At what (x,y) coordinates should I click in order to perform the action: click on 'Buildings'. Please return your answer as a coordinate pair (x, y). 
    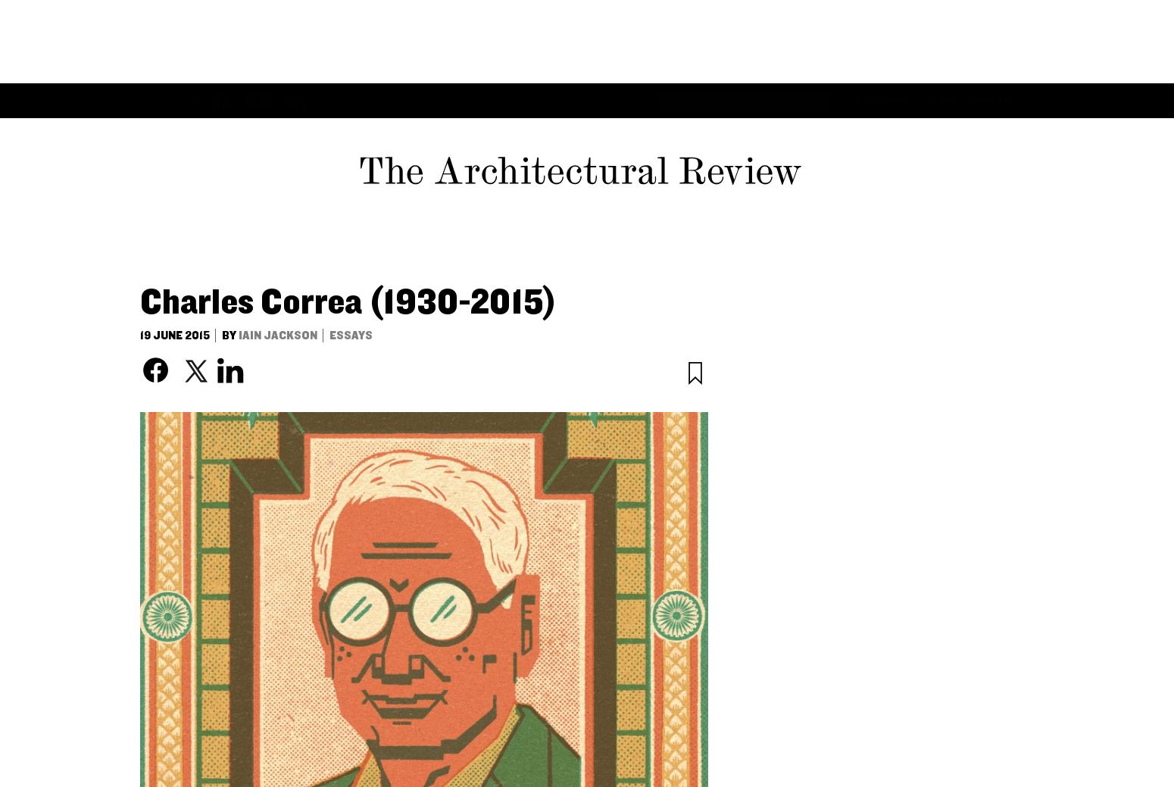
    Looking at the image, I should click on (283, 16).